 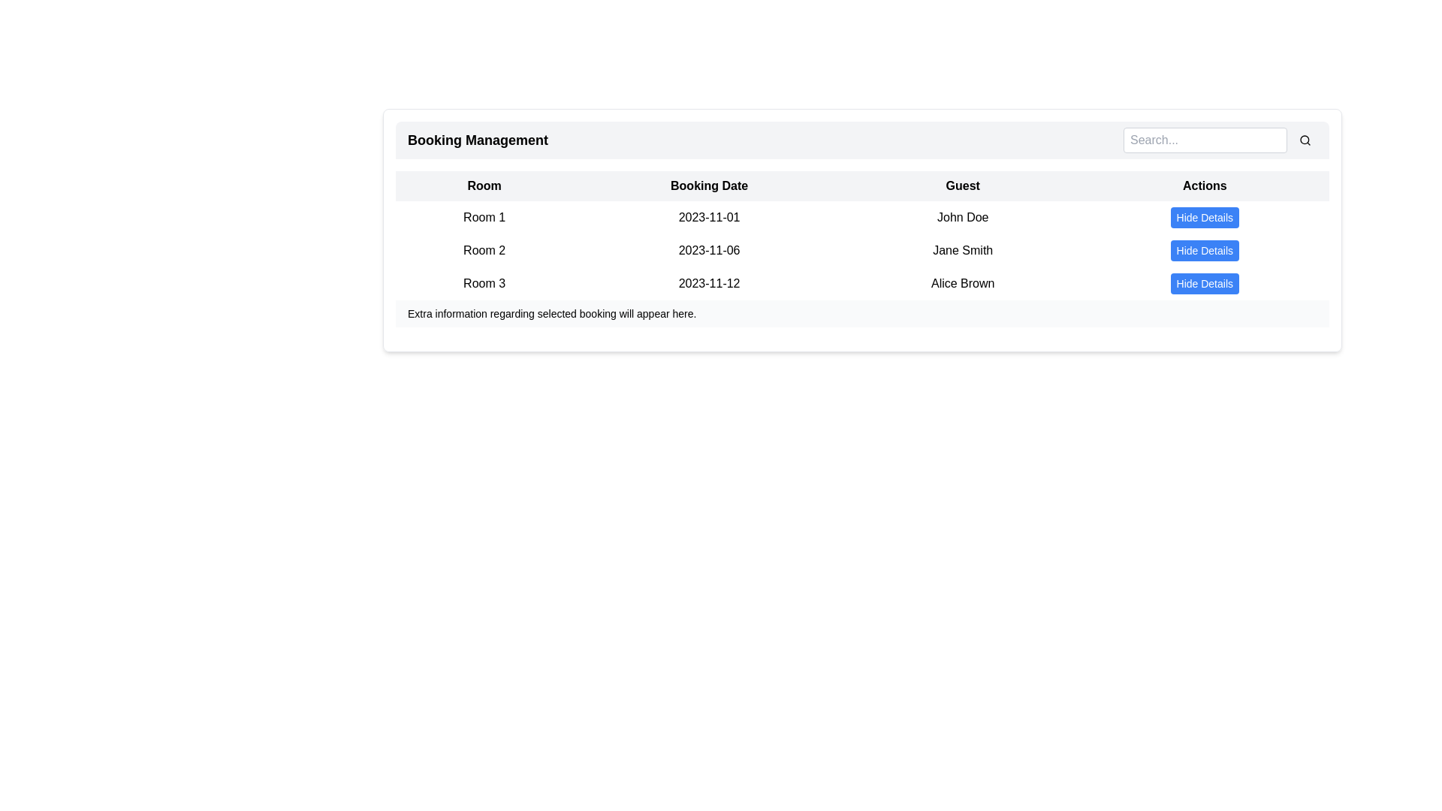 I want to click on the magnifying glass icon representing search functionality, located at the top-right corner next to the search text input, so click(x=1304, y=140).